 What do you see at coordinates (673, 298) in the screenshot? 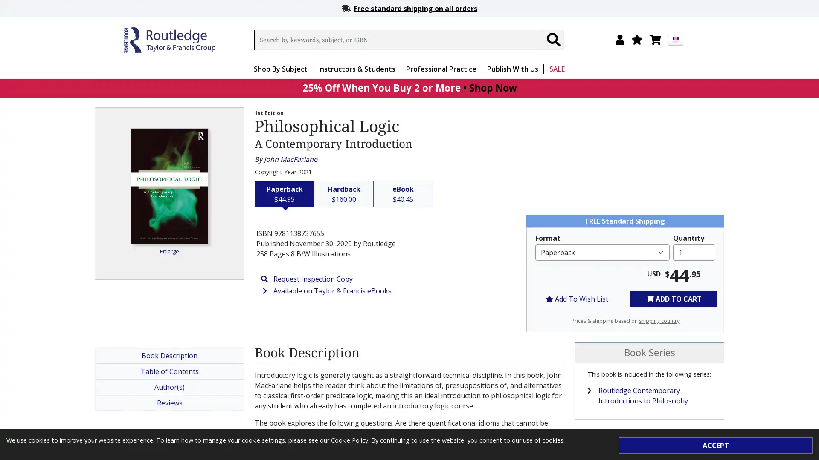
I see `ADD TO CART` at bounding box center [673, 298].